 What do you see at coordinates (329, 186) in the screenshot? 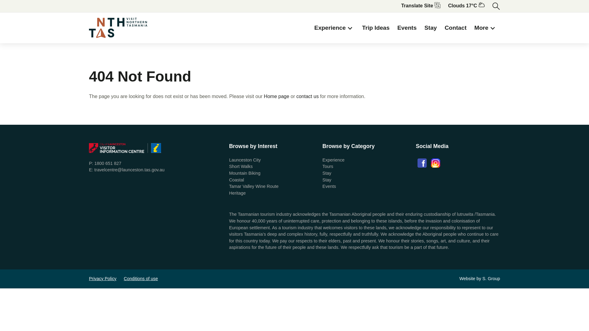
I see `'Events'` at bounding box center [329, 186].